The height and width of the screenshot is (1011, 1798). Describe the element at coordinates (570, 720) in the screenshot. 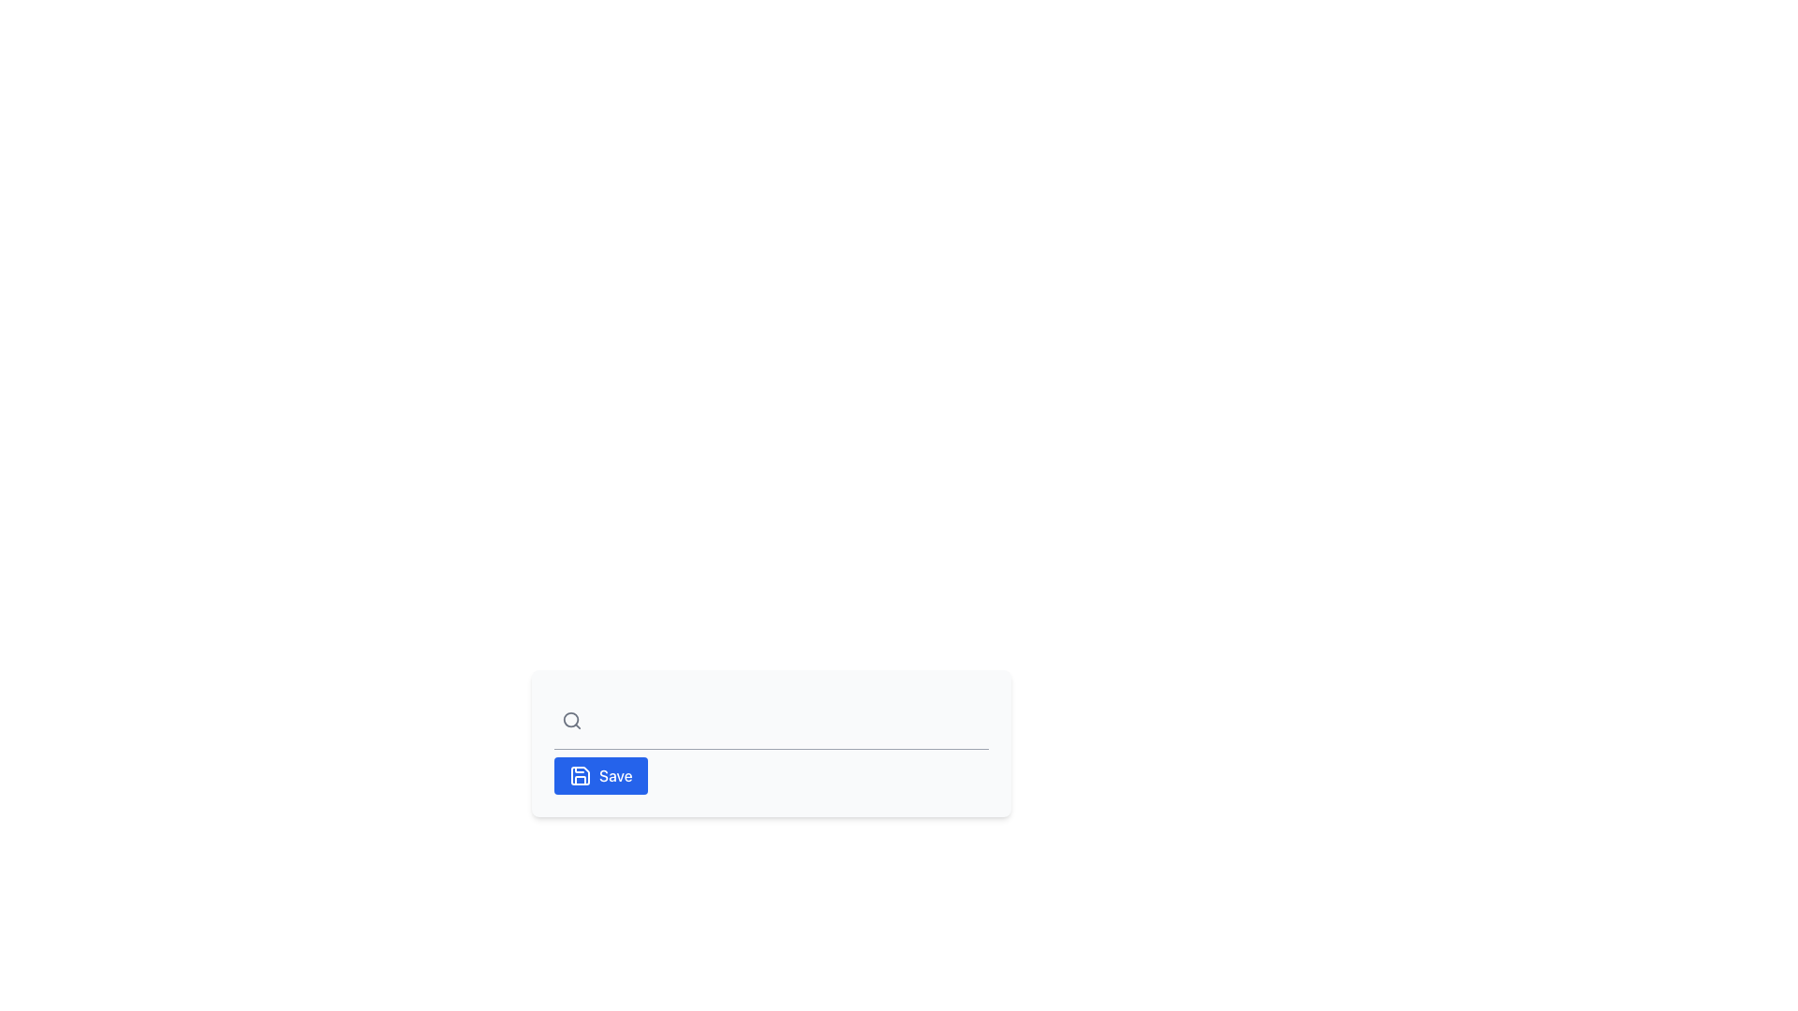

I see `the search icon located on the left side of the search bar to trigger the tooltip or visual feedback` at that location.